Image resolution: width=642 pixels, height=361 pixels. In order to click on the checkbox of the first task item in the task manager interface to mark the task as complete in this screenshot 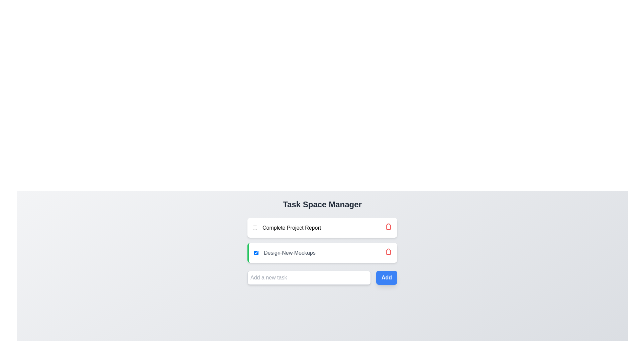, I will do `click(287, 227)`.